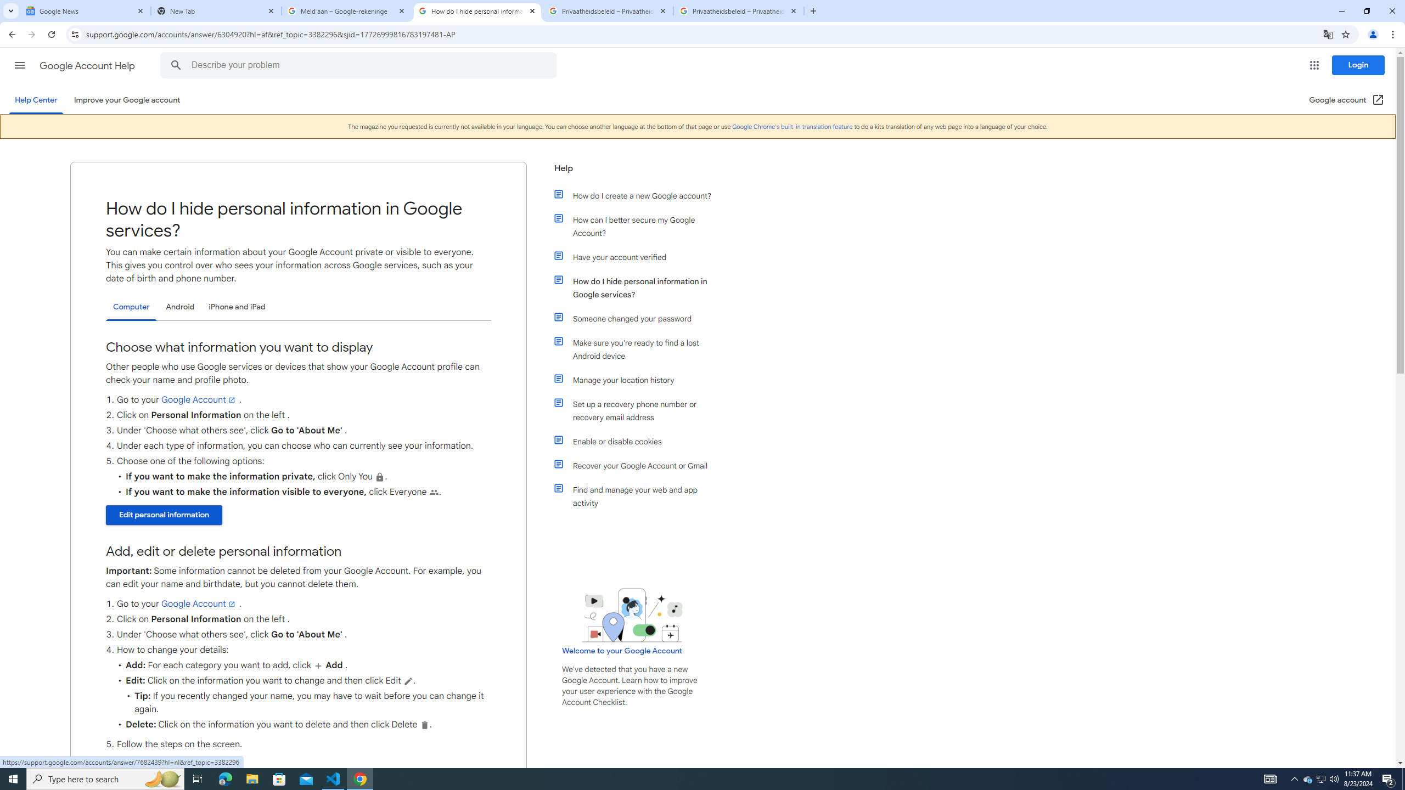 The height and width of the screenshot is (790, 1405). What do you see at coordinates (127, 99) in the screenshot?
I see `'Improve your Google account'` at bounding box center [127, 99].